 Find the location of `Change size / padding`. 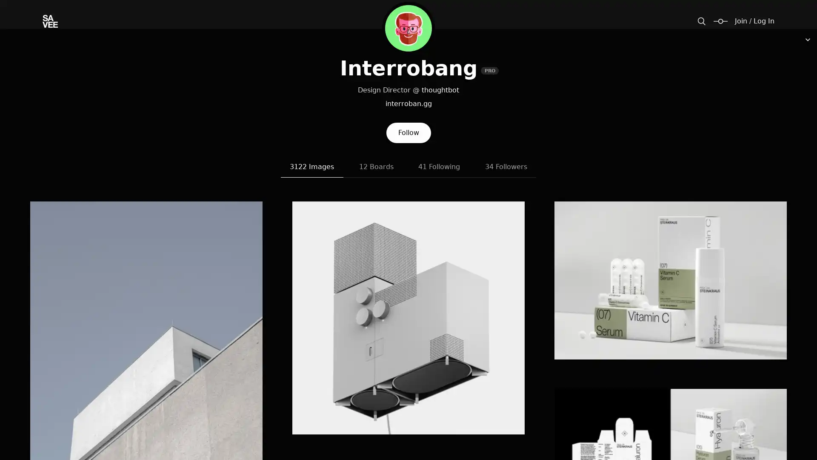

Change size / padding is located at coordinates (720, 21).